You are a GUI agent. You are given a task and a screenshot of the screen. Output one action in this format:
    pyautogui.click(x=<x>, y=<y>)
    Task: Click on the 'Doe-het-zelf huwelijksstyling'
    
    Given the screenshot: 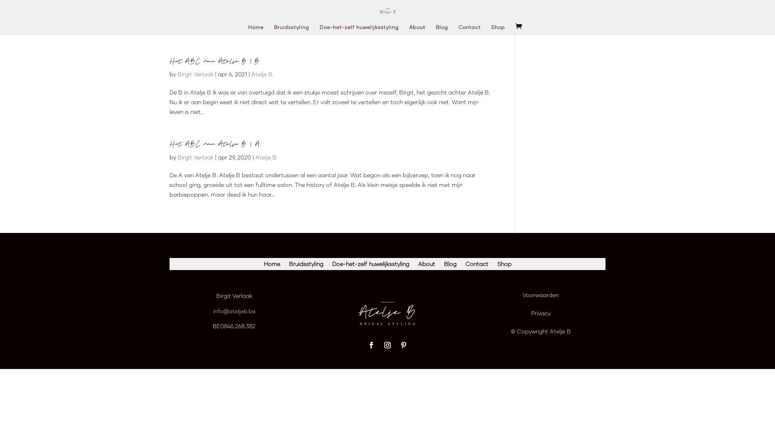 What is the action you would take?
    pyautogui.click(x=331, y=266)
    